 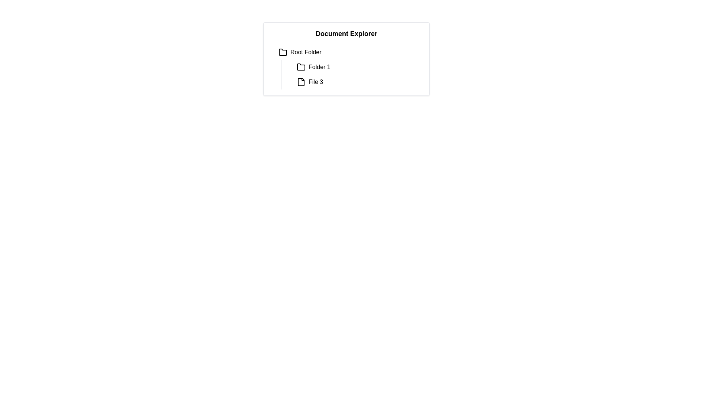 What do you see at coordinates (283, 52) in the screenshot?
I see `the folder icon, which is an outlined graphical symbol of a folder styled in black, located to the left of the text label 'Root Folder' in the 'Document Explorer' section` at bounding box center [283, 52].